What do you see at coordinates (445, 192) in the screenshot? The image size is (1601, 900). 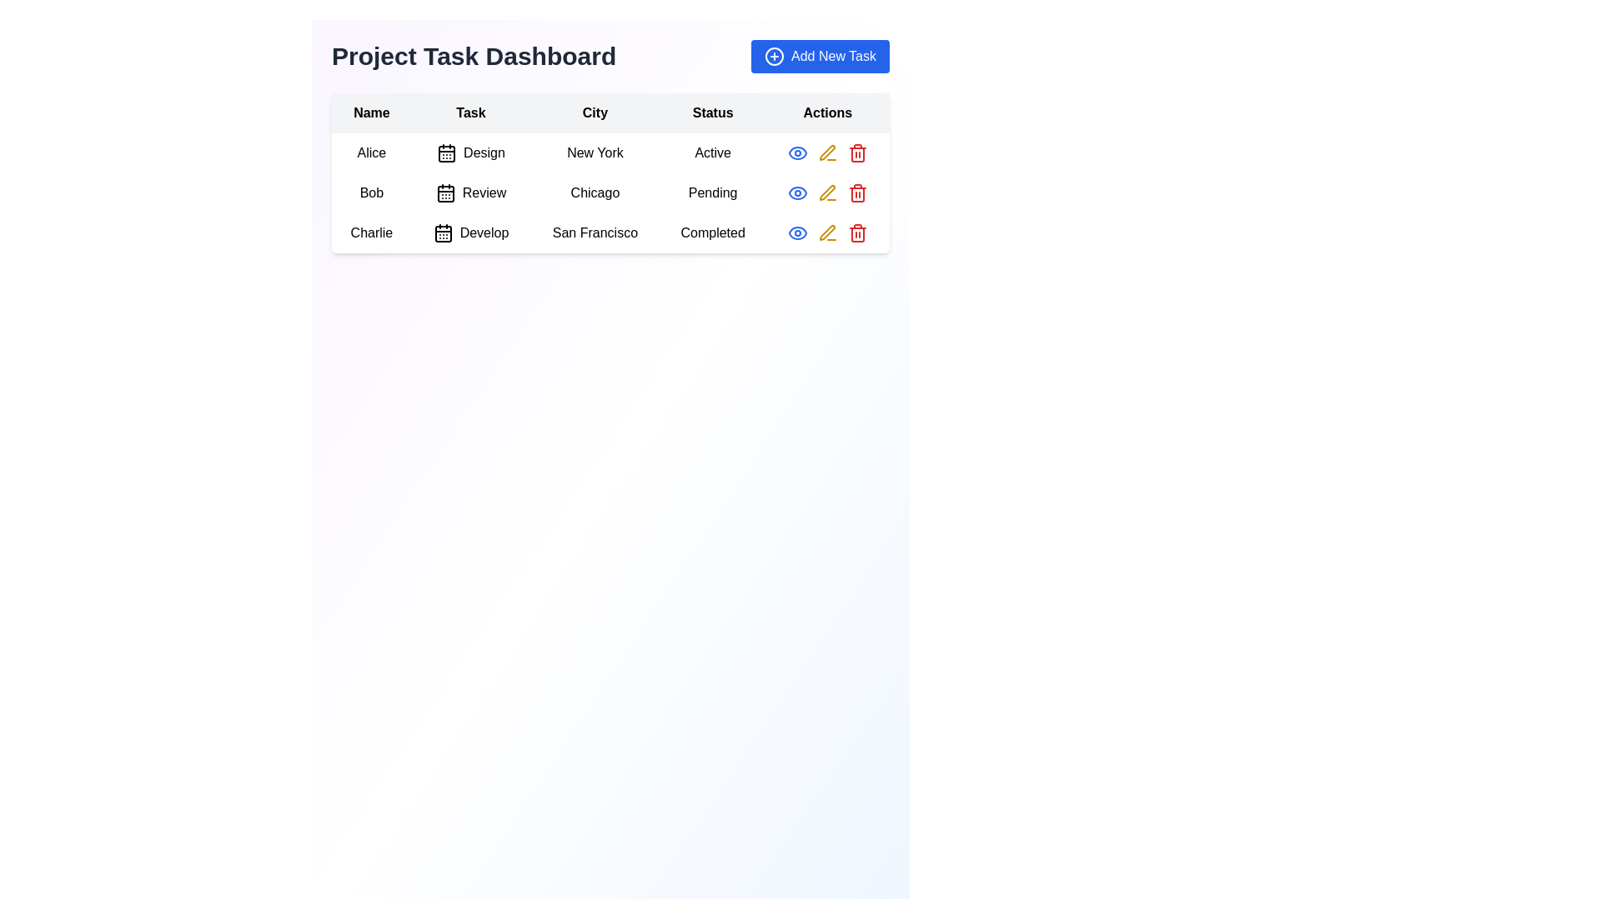 I see `the calendar icon in the 'Task' column of the second row, which visually represents the task 'Review'` at bounding box center [445, 192].